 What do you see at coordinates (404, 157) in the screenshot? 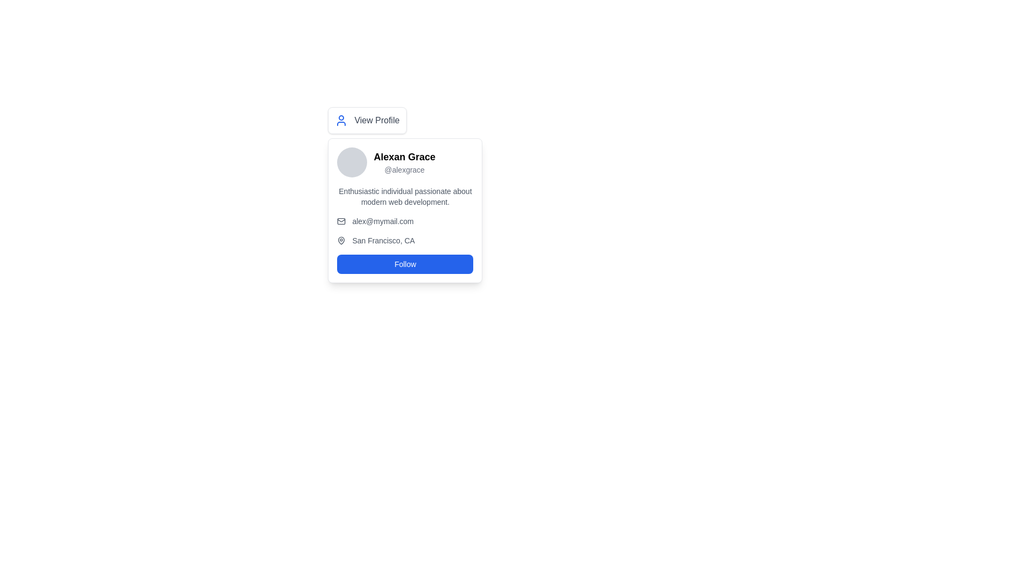
I see `and understand the displayed name 'Alexan Grace' from the bold text label located at the top of the profile card, which is centered between the circular avatar and the card's edge` at bounding box center [404, 157].